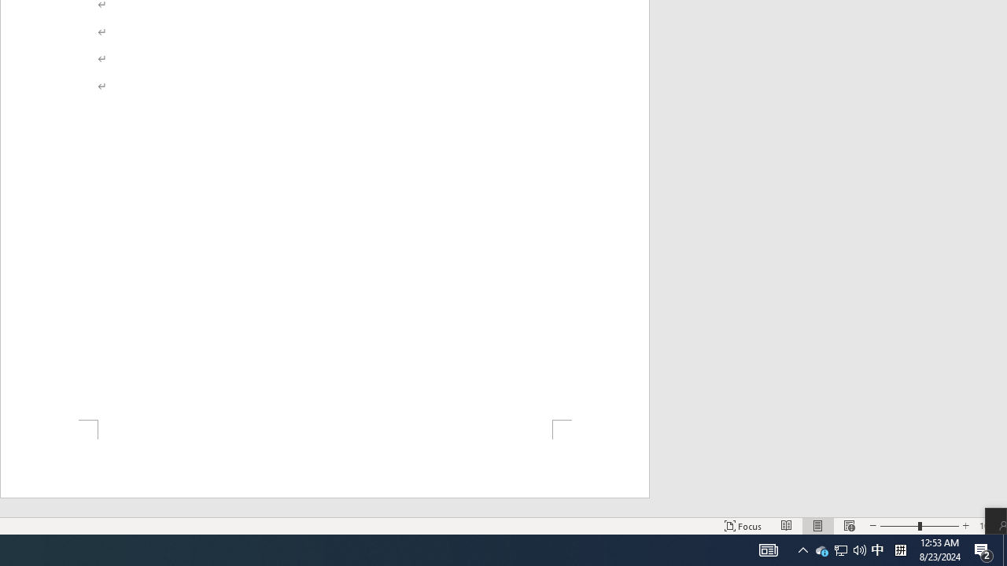 The width and height of the screenshot is (1007, 566). What do you see at coordinates (818, 526) in the screenshot?
I see `'Print Layout'` at bounding box center [818, 526].